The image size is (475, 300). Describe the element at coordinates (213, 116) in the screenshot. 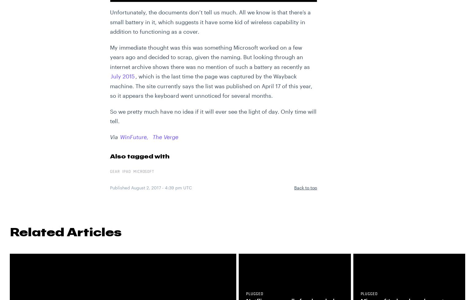

I see `'So we pretty much have no idea if it will ever see the light of day. Only time will tell.'` at that location.